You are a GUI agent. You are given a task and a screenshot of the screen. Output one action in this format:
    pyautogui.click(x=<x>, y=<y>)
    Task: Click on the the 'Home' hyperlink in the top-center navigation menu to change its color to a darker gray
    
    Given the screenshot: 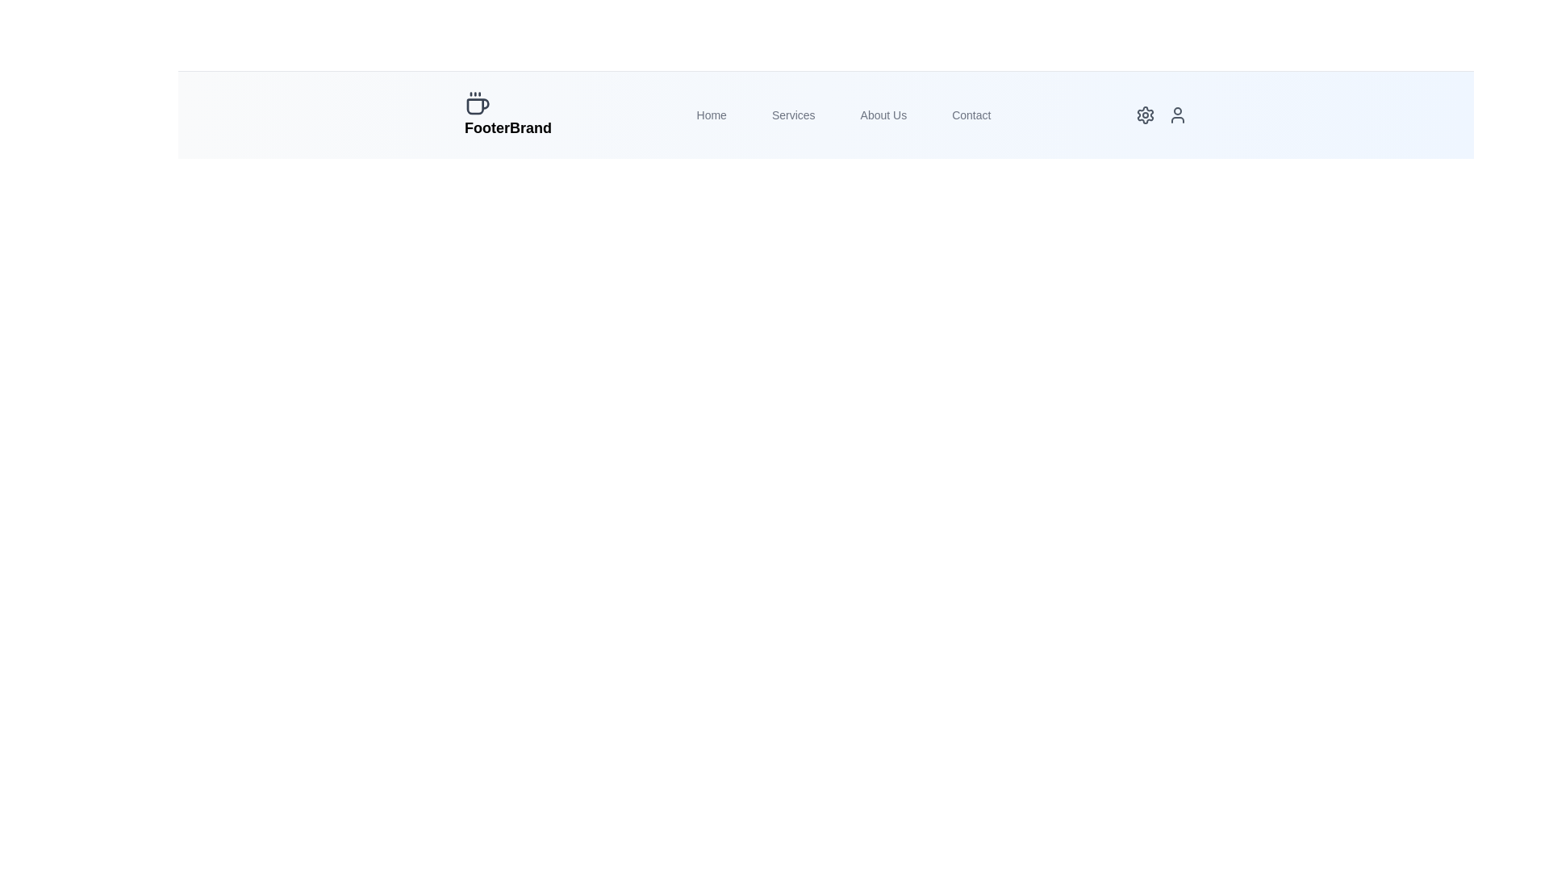 What is the action you would take?
    pyautogui.click(x=711, y=114)
    